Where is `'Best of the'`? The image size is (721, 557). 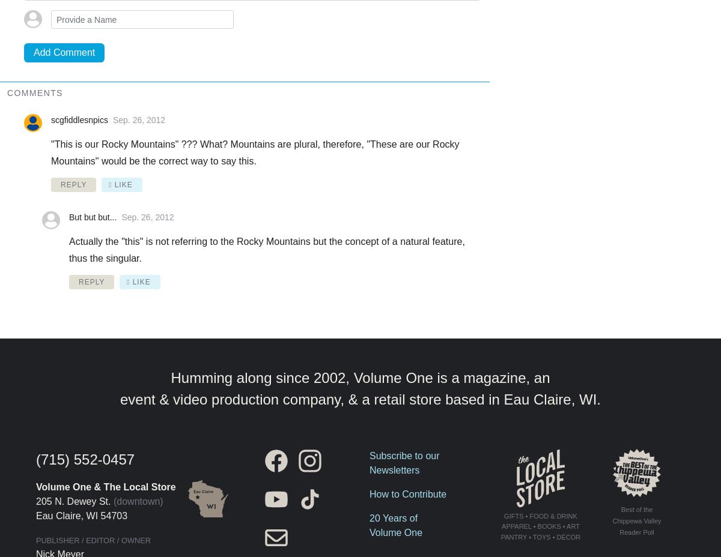
'Best of the' is located at coordinates (620, 509).